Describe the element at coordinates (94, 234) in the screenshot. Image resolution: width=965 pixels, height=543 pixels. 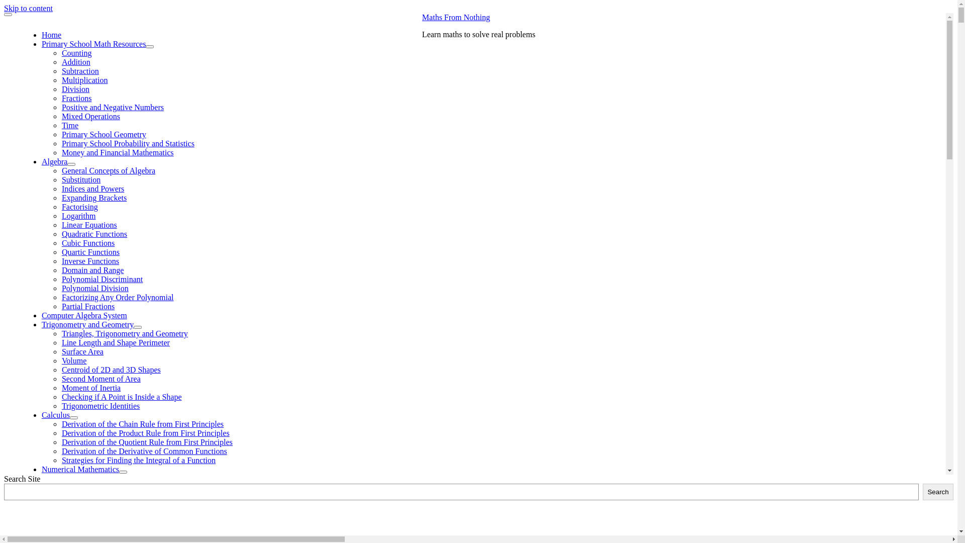
I see `'Quadratic Functions'` at that location.